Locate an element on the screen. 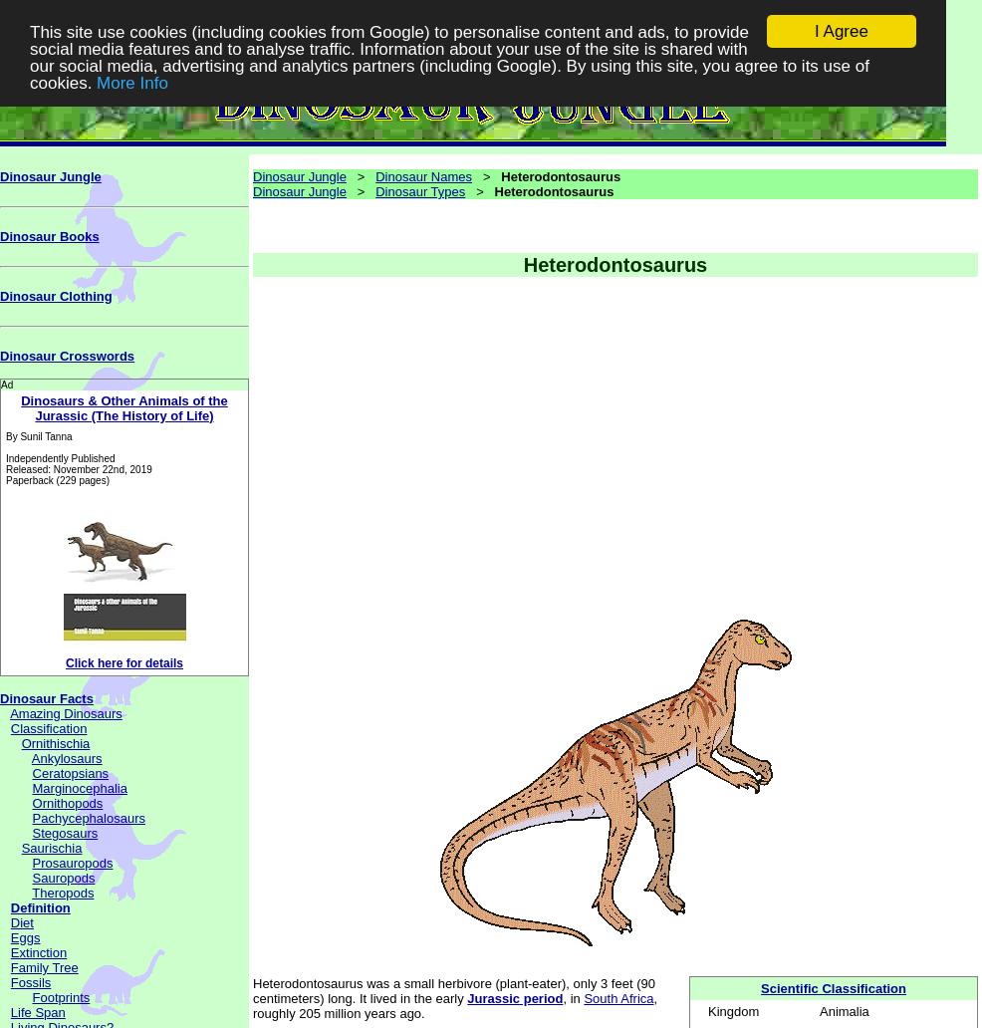 The height and width of the screenshot is (1028, 982). 'Ornithischia' is located at coordinates (54, 742).